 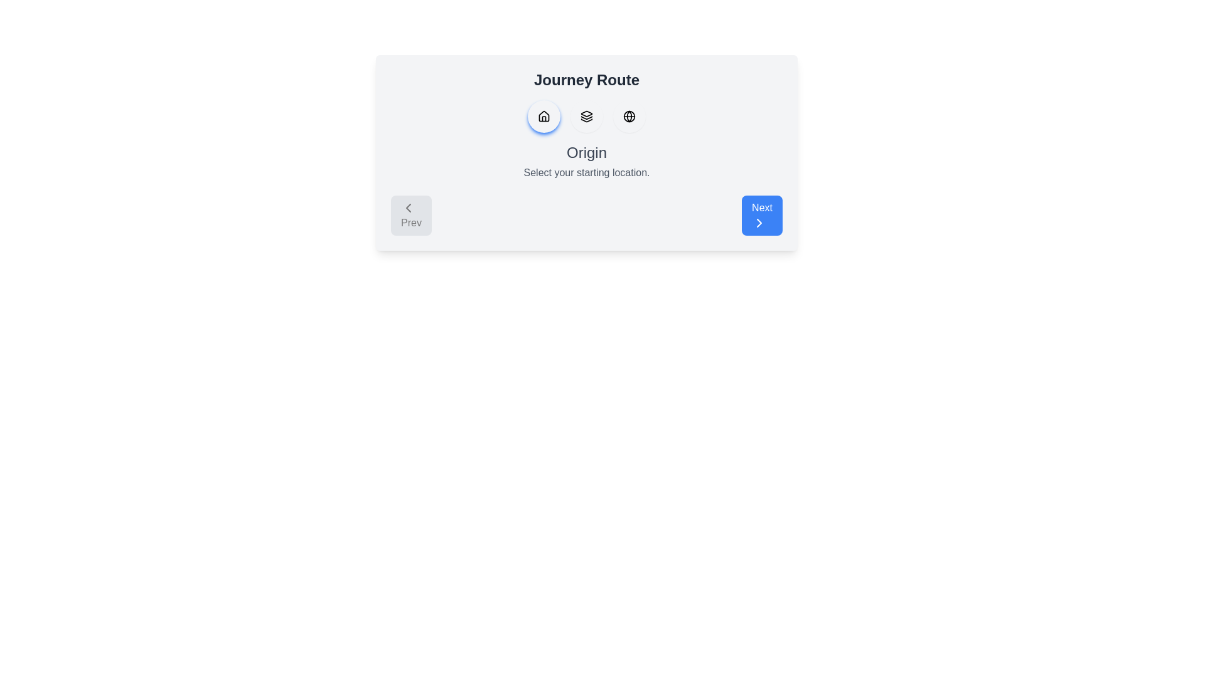 I want to click on the 'Prev' button icon located on the left side of the interface, which signals navigation to the previous step, so click(x=409, y=207).